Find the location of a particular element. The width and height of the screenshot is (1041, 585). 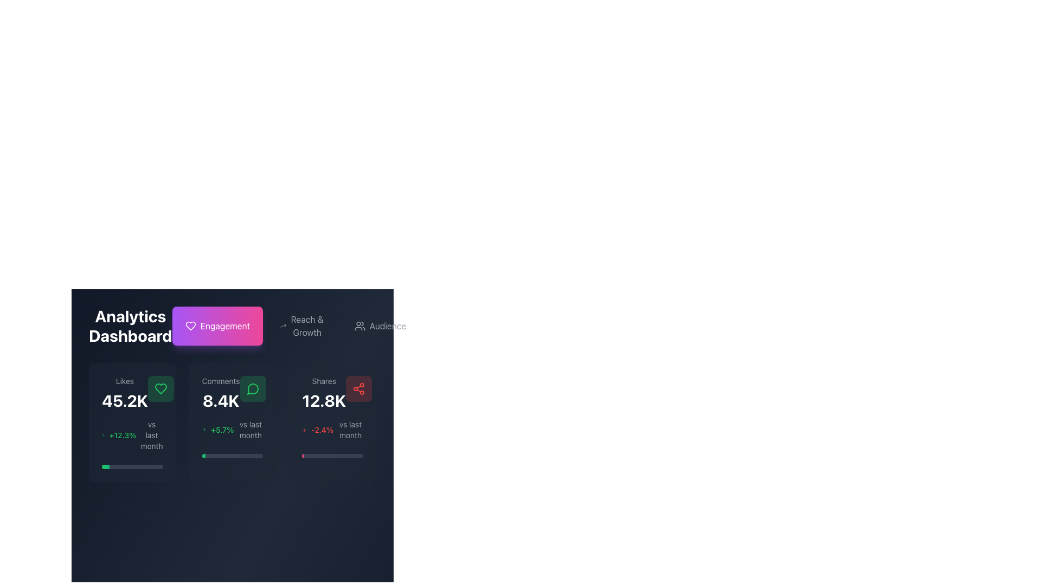

the 'Likes' text label, which is displayed in gray color and is positioned above the number '45.2K' in the card layout is located at coordinates (125, 381).